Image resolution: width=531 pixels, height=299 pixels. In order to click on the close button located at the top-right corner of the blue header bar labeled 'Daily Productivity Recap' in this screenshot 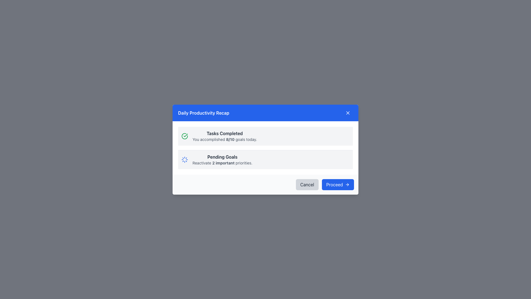, I will do `click(347, 112)`.